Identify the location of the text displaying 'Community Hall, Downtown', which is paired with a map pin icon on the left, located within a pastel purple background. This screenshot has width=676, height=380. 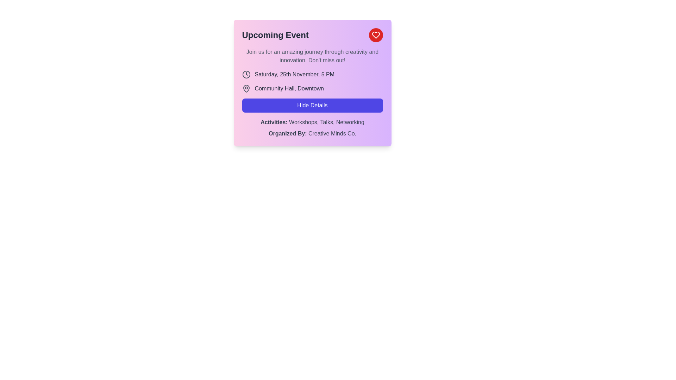
(312, 88).